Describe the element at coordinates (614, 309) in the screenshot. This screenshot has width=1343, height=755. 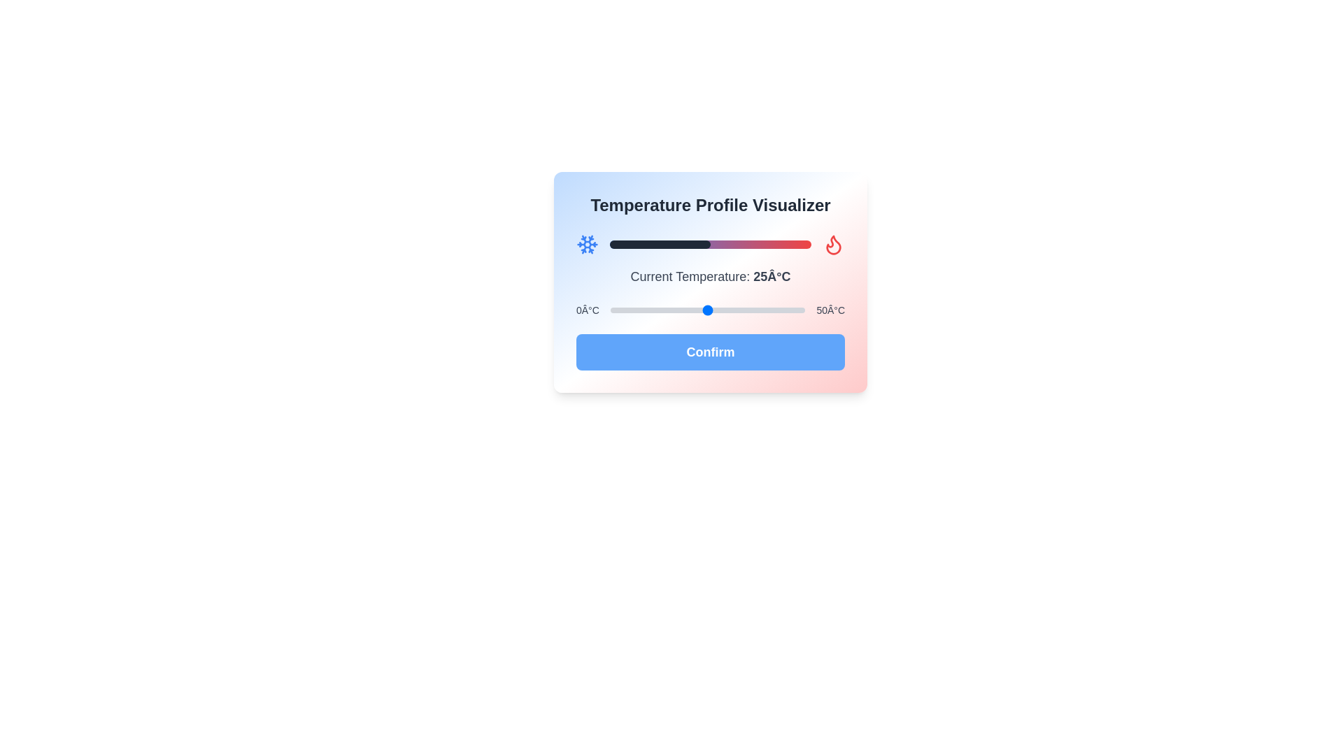
I see `the temperature to 1°C using the slider` at that location.